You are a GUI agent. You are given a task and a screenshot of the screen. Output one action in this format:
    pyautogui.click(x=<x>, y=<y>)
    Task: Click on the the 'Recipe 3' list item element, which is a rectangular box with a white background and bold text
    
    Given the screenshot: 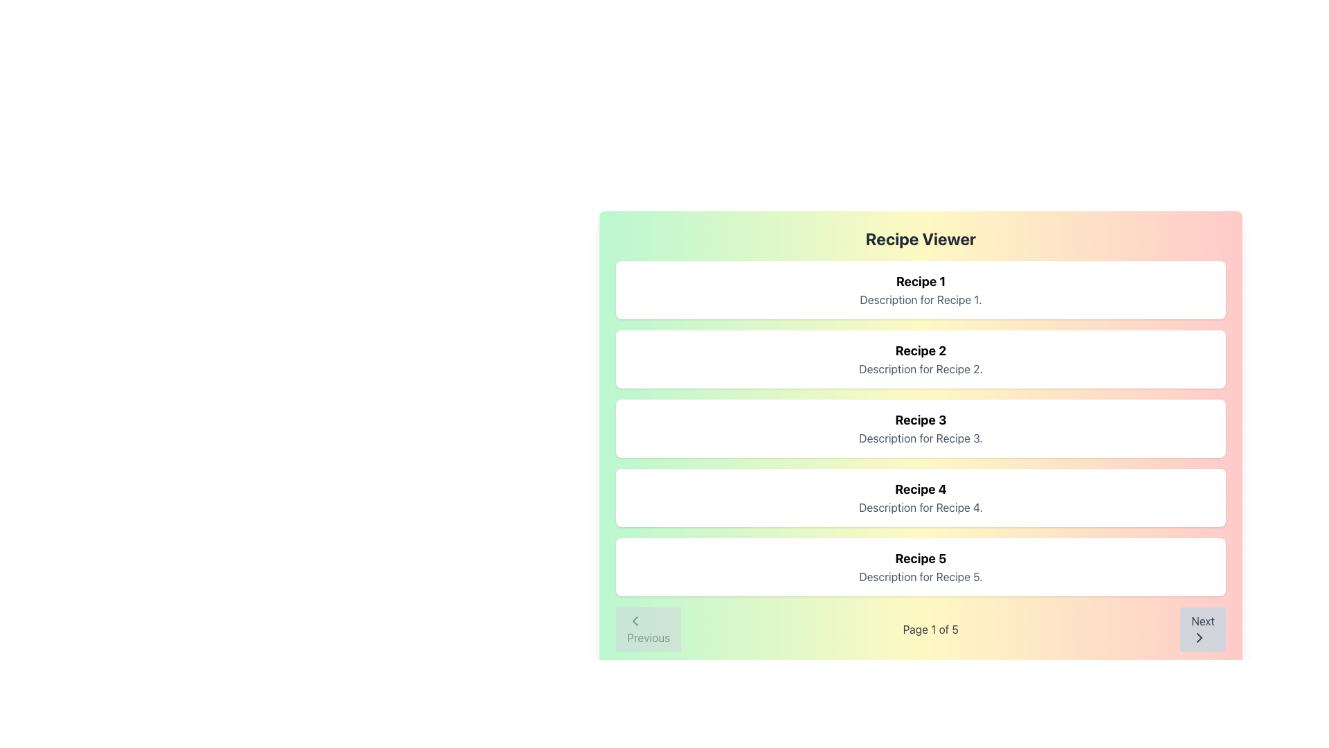 What is the action you would take?
    pyautogui.click(x=921, y=427)
    